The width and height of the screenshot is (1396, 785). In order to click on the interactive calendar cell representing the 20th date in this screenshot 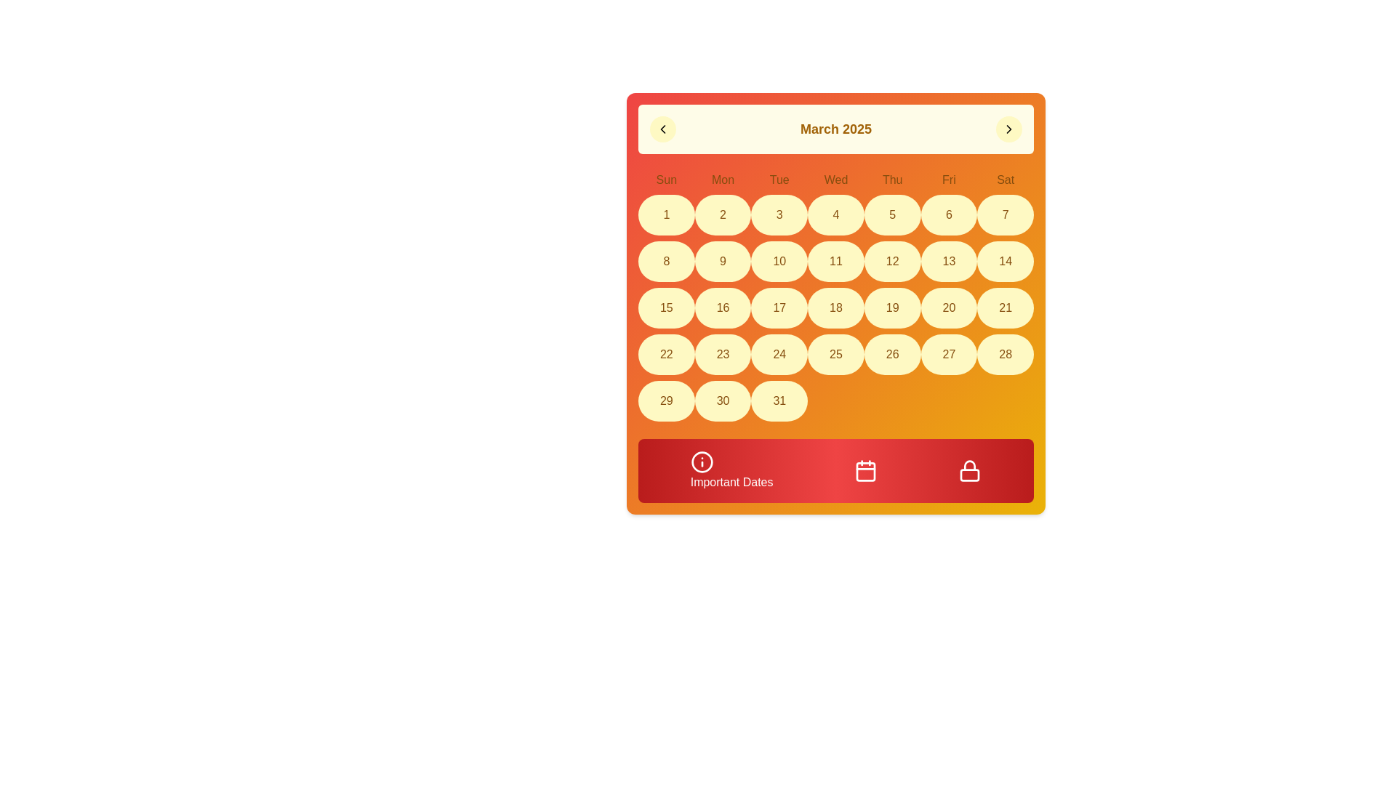, I will do `click(949, 307)`.